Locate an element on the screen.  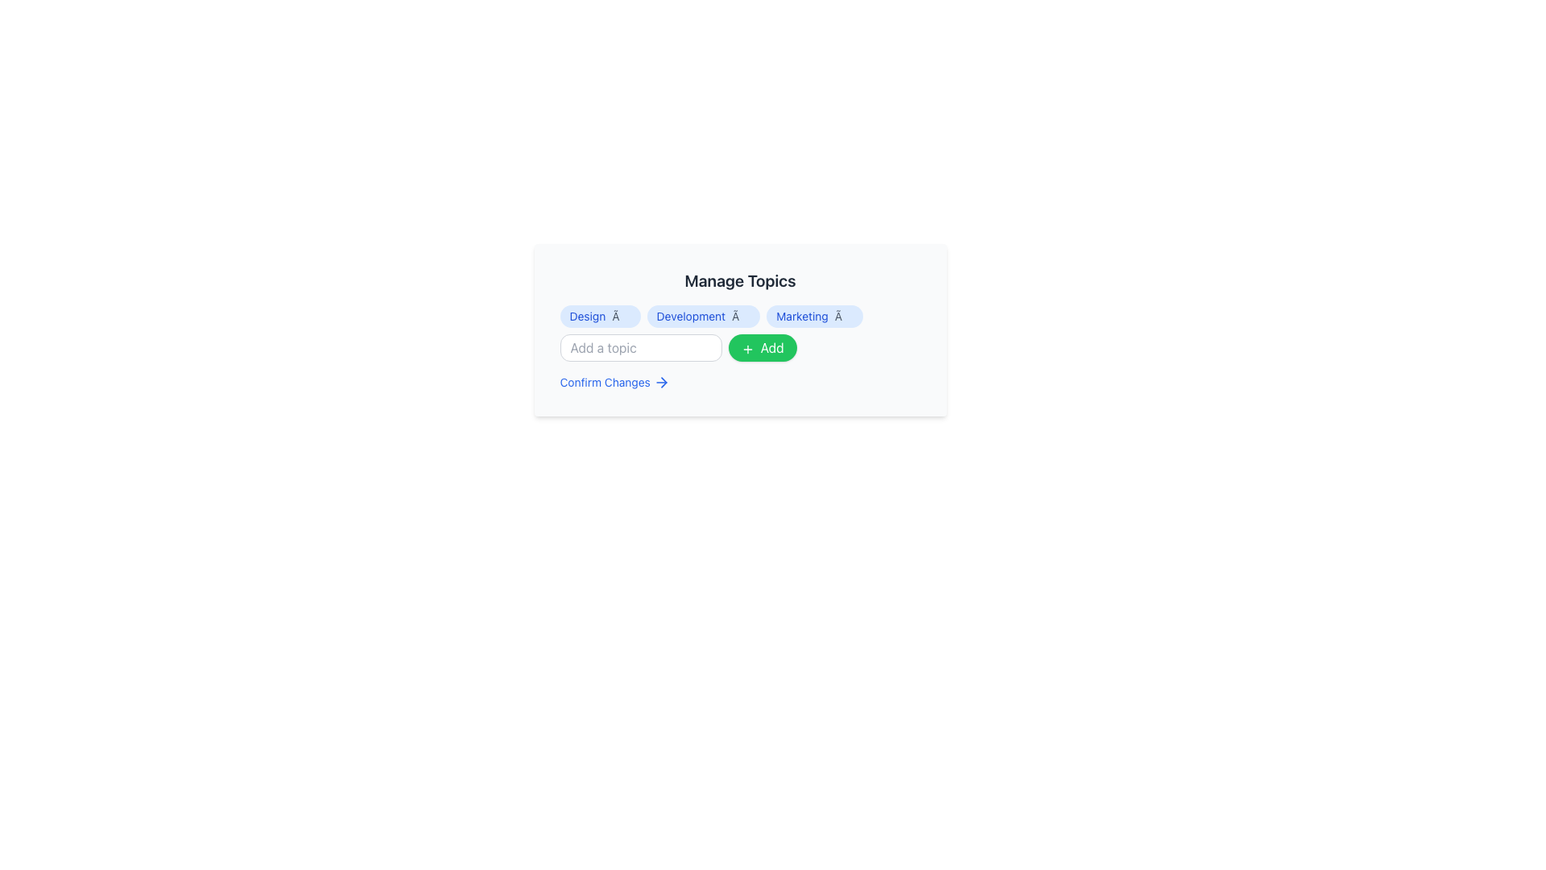
the '×' icon on the Pill-shaped label representing 'Development' is located at coordinates (703, 317).